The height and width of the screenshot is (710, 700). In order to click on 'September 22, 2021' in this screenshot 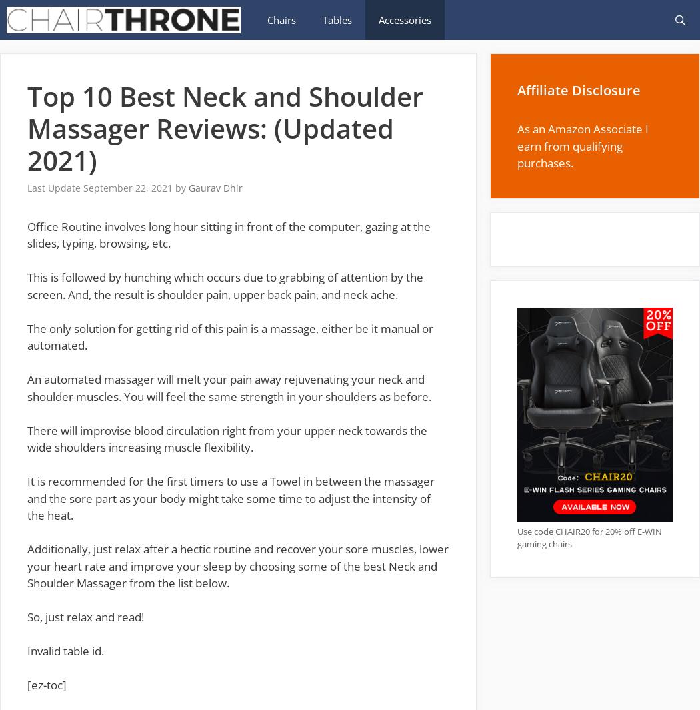, I will do `click(127, 188)`.